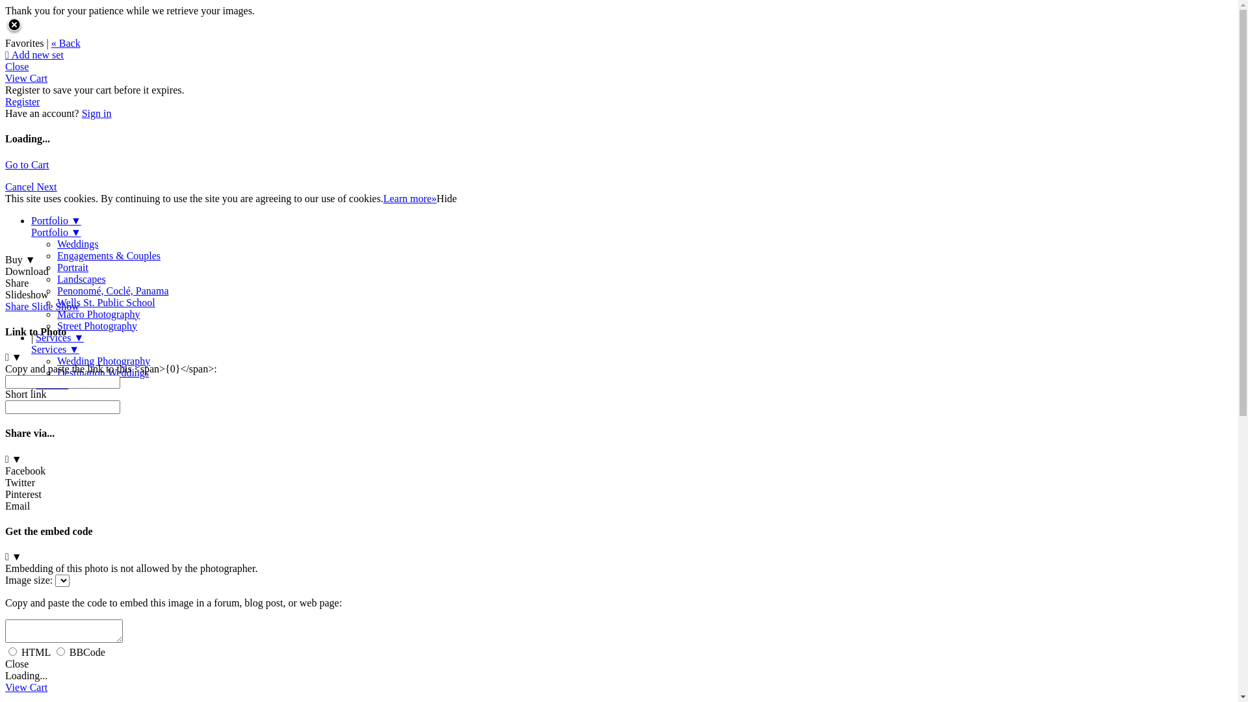 This screenshot has height=702, width=1248. I want to click on 'Destination Weddings', so click(102, 372).